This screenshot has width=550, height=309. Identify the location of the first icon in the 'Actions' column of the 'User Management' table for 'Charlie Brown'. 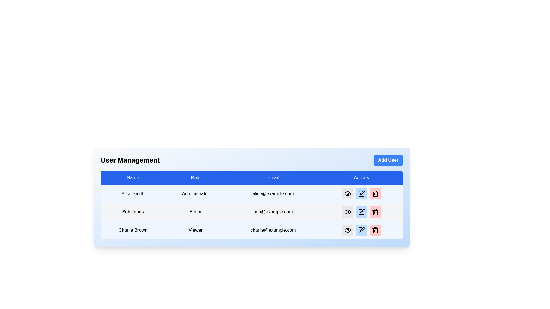
(347, 230).